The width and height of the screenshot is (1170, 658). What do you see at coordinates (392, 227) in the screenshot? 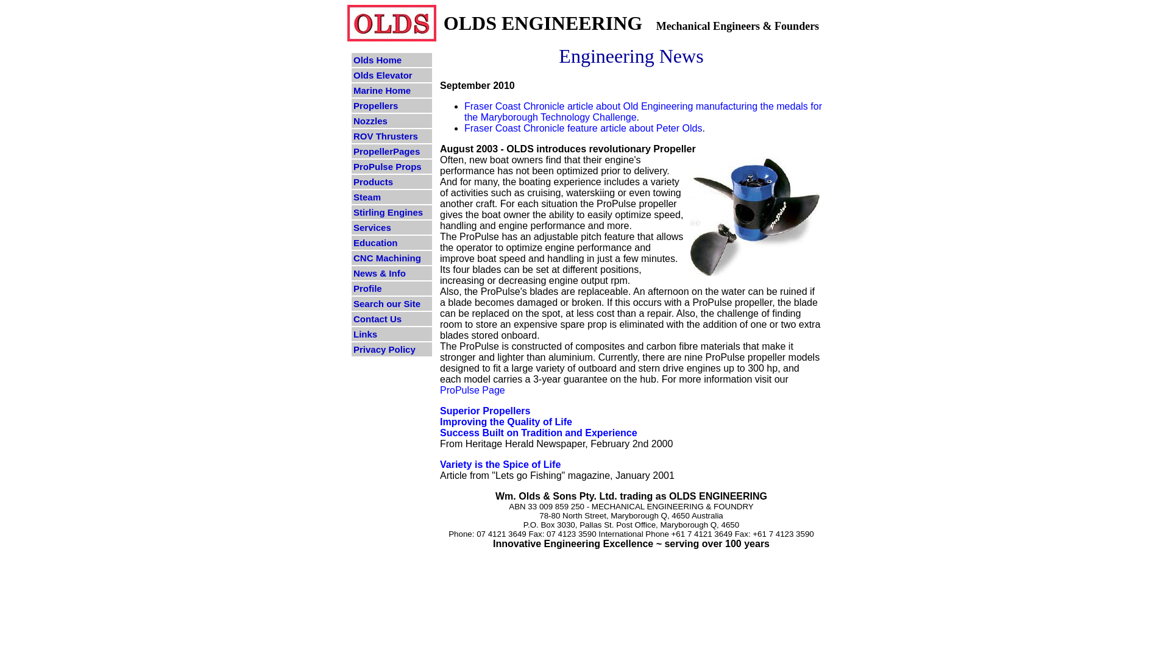
I see `'Services'` at bounding box center [392, 227].